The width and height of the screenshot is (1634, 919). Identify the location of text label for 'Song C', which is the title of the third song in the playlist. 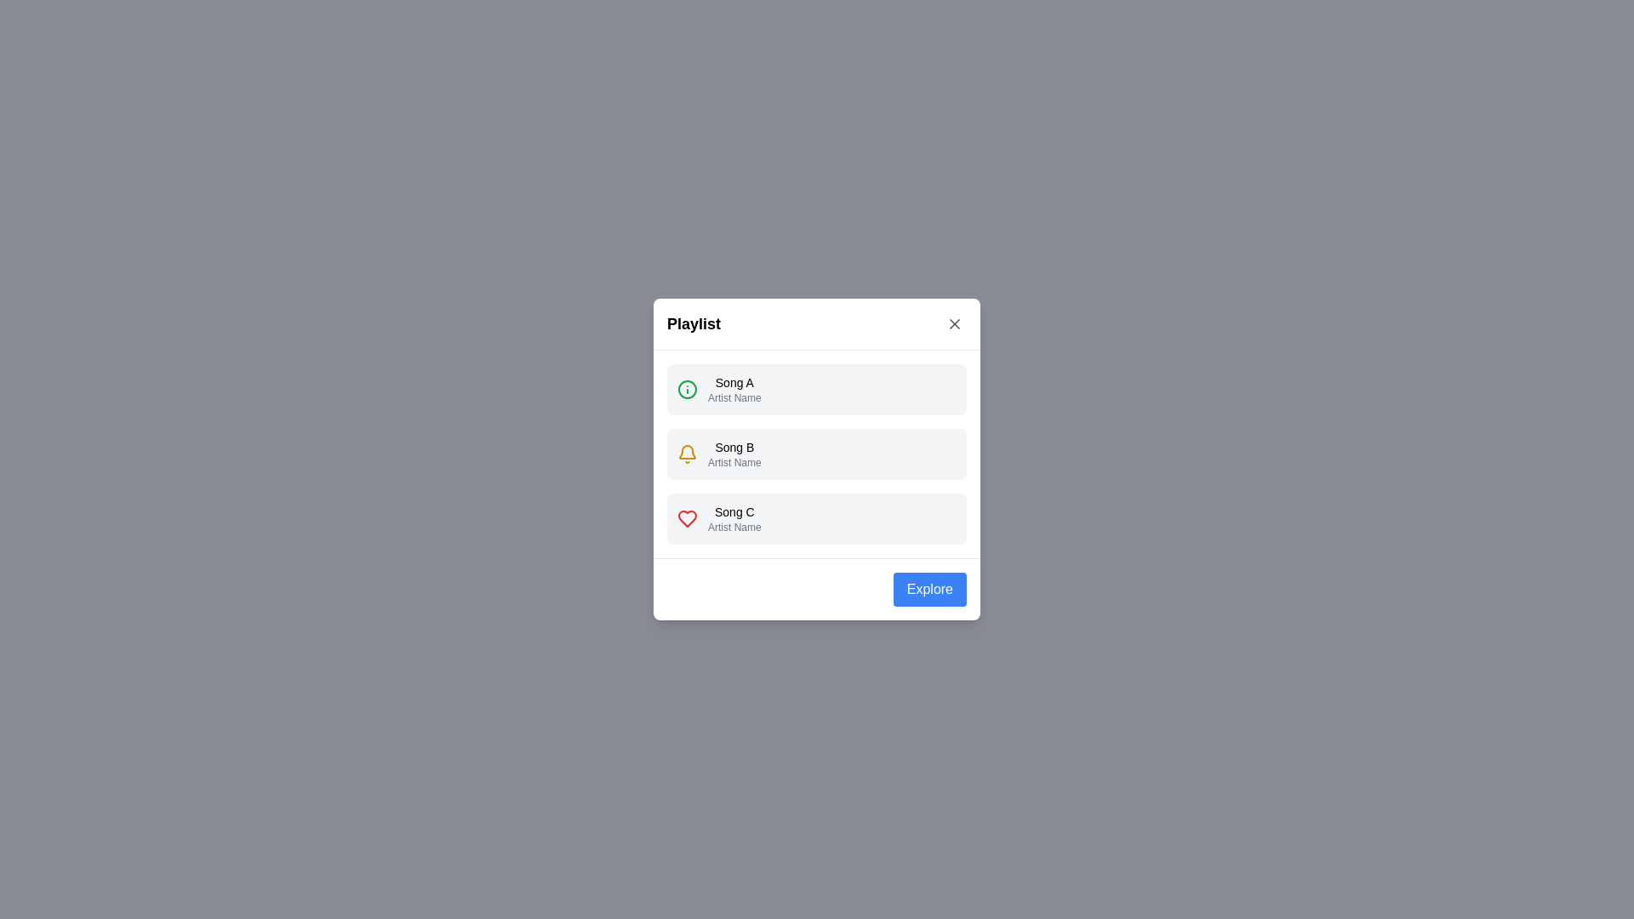
(734, 511).